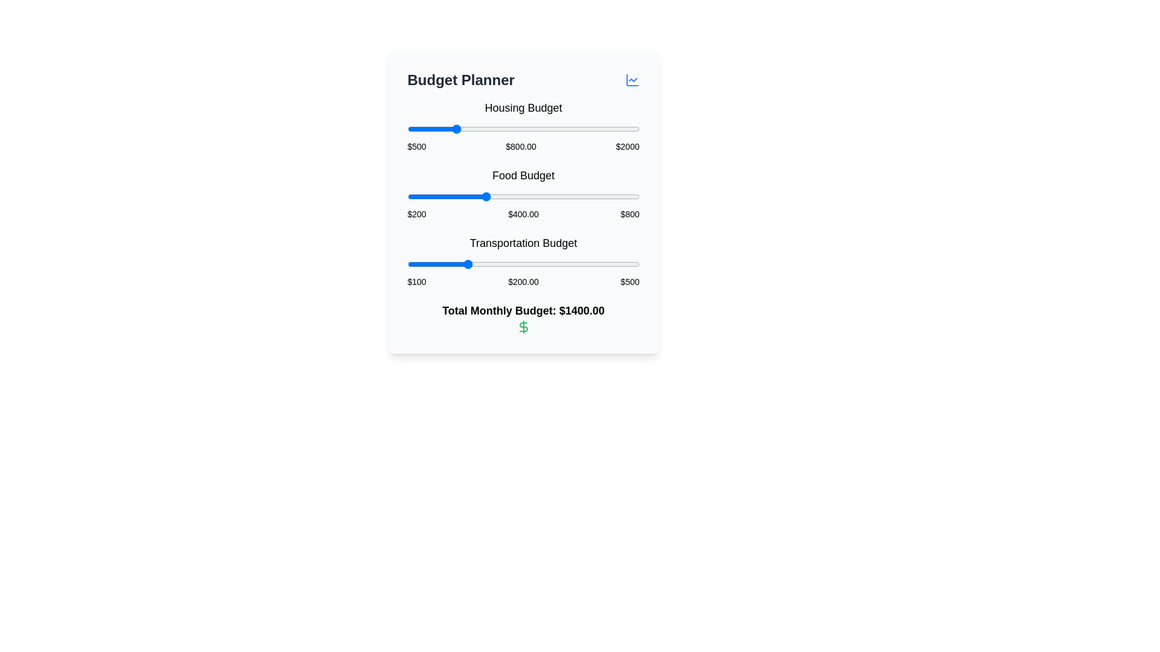 The image size is (1160, 652). I want to click on the transportation budget, so click(544, 264).